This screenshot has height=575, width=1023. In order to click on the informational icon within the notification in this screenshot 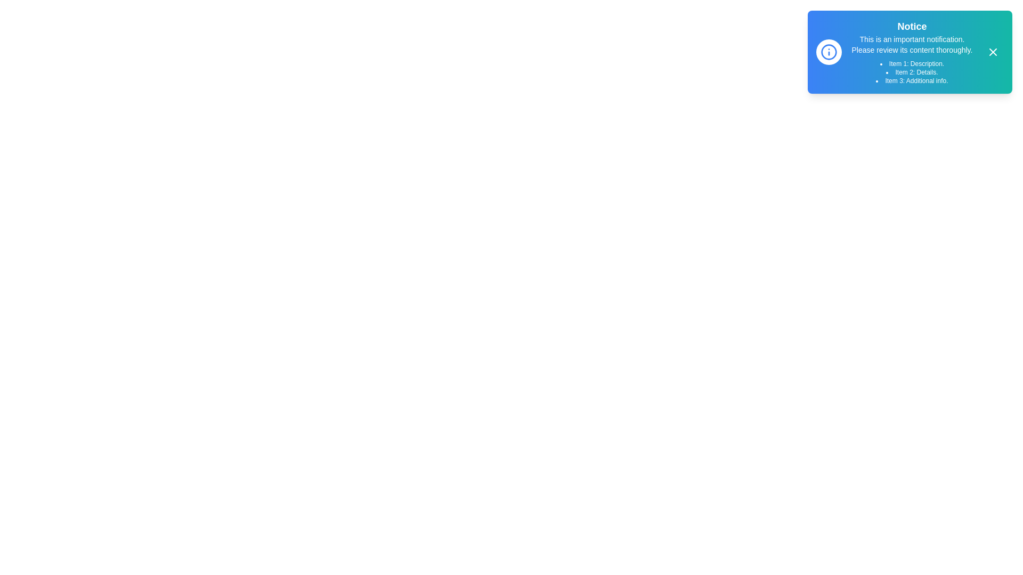, I will do `click(828, 52)`.